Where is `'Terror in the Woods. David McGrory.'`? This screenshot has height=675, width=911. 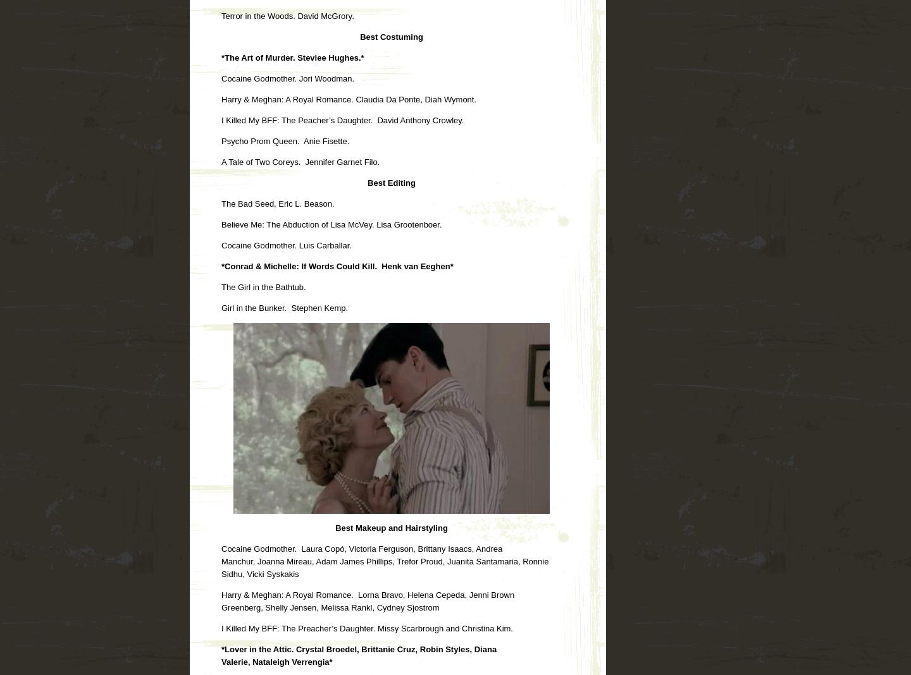 'Terror in the Woods. David McGrory.' is located at coordinates (221, 15).